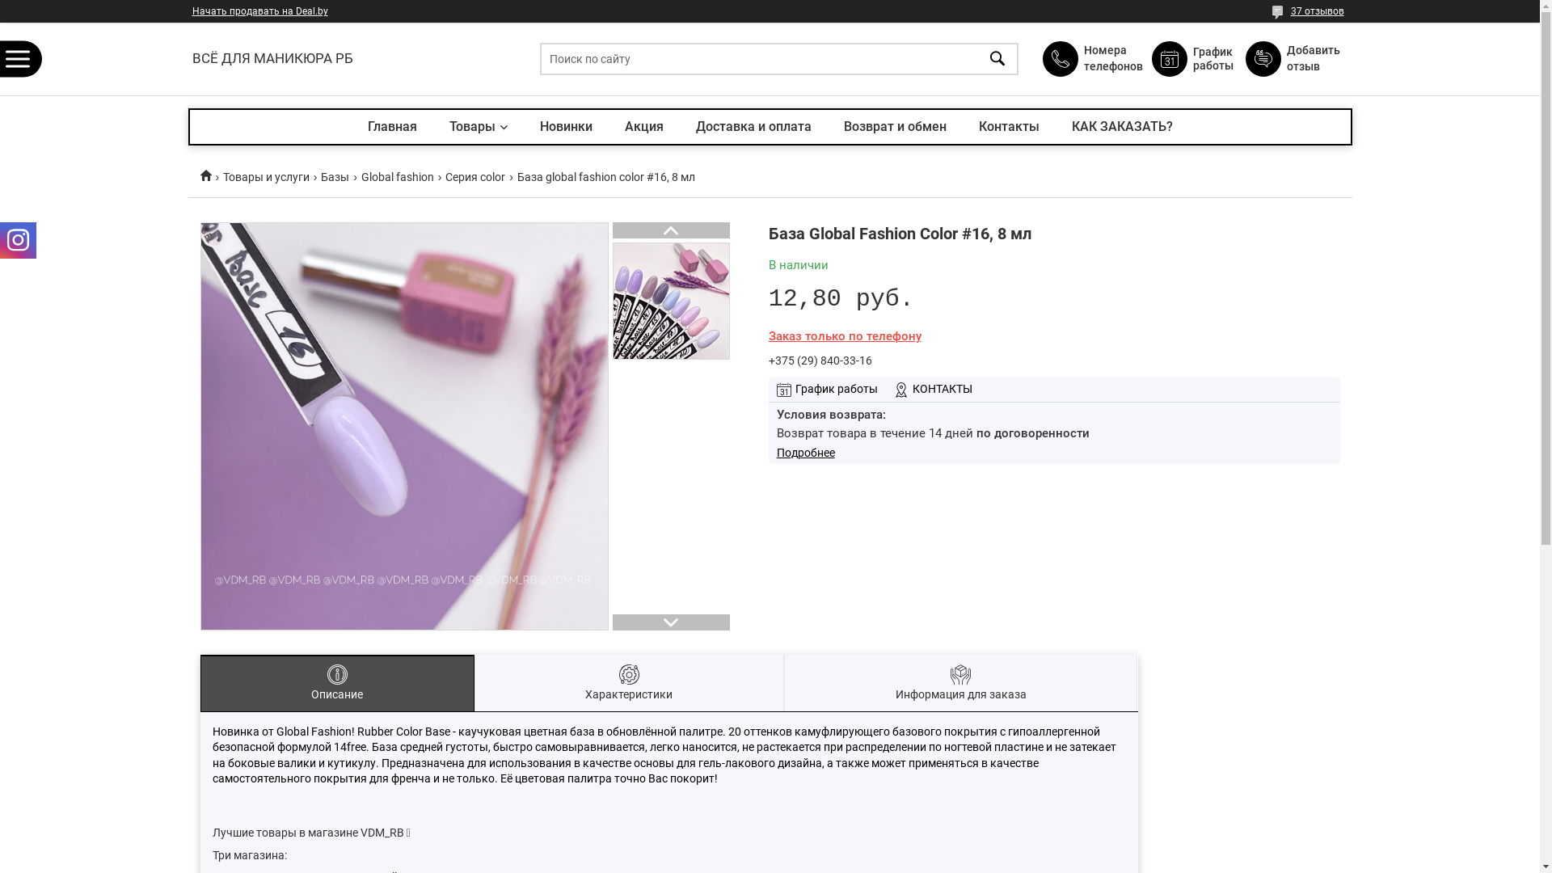 The height and width of the screenshot is (873, 1552). Describe the element at coordinates (397, 177) in the screenshot. I see `'Global fashion'` at that location.